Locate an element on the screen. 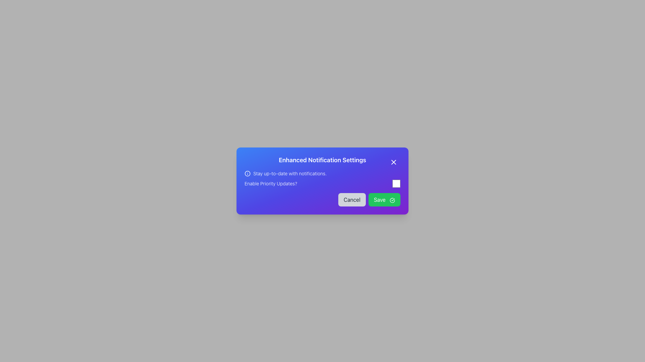 The image size is (645, 362). the checkbox labeled 'Enable Priority Updates?' for more information is located at coordinates (322, 183).